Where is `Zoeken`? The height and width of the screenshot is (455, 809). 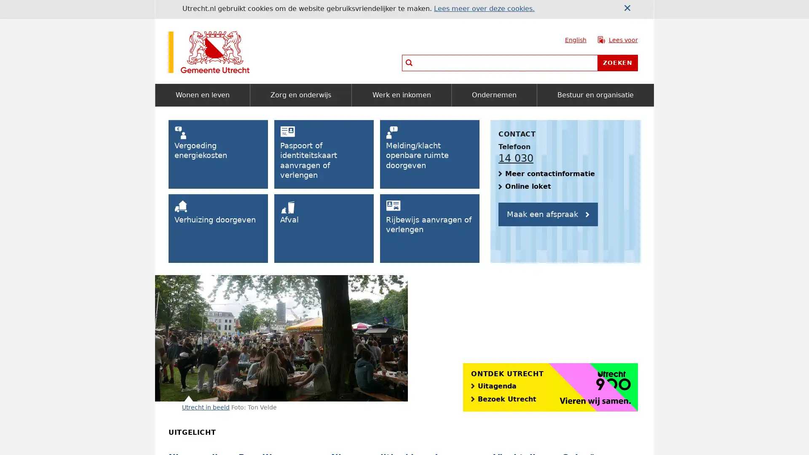 Zoeken is located at coordinates (617, 62).